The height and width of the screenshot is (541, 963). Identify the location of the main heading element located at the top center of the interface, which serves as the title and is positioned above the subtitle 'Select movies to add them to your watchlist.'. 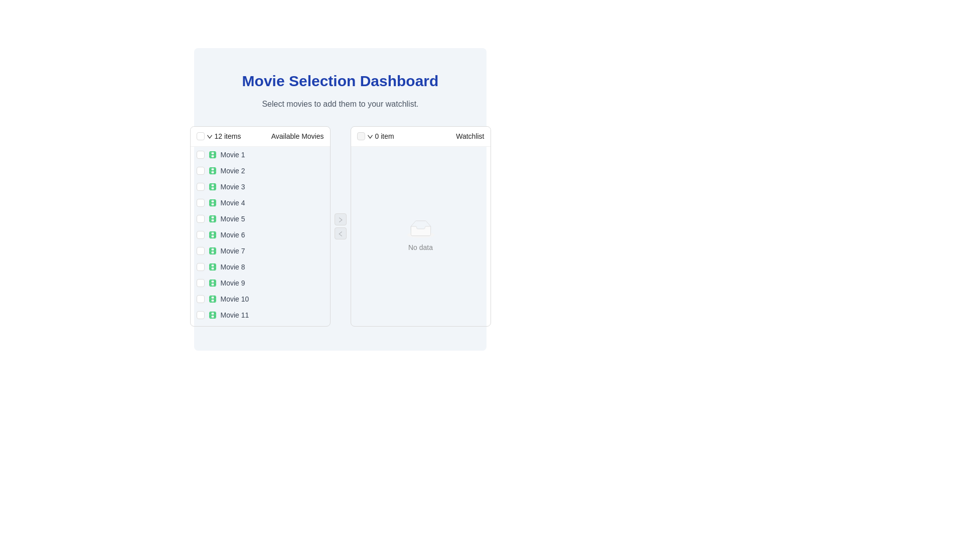
(340, 81).